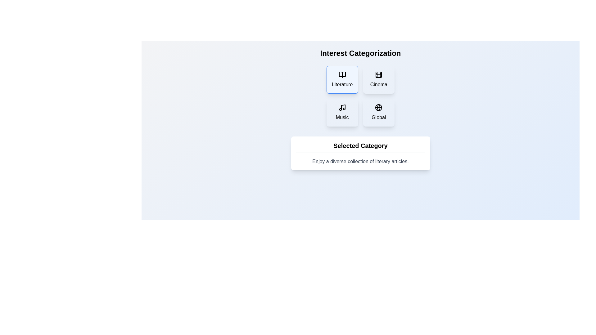 Image resolution: width=596 pixels, height=335 pixels. Describe the element at coordinates (378, 74) in the screenshot. I see `the film icon located in the top right corner of the 'Cinema' category, which features a rectangle with perforated borders and a monochrome color scheme` at that location.